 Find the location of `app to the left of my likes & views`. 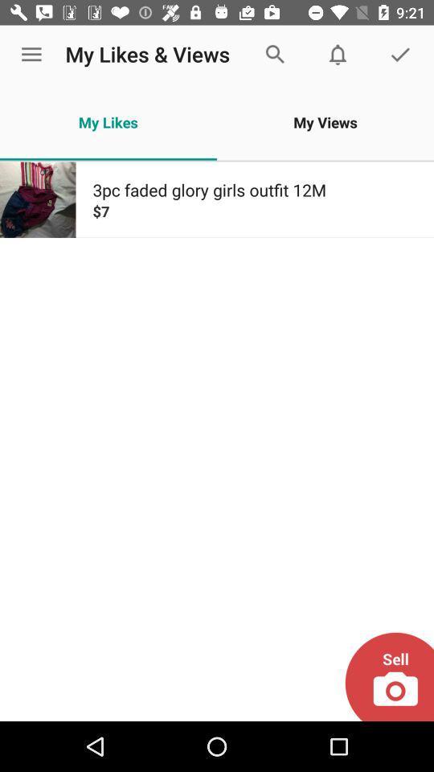

app to the left of my likes & views is located at coordinates (31, 55).